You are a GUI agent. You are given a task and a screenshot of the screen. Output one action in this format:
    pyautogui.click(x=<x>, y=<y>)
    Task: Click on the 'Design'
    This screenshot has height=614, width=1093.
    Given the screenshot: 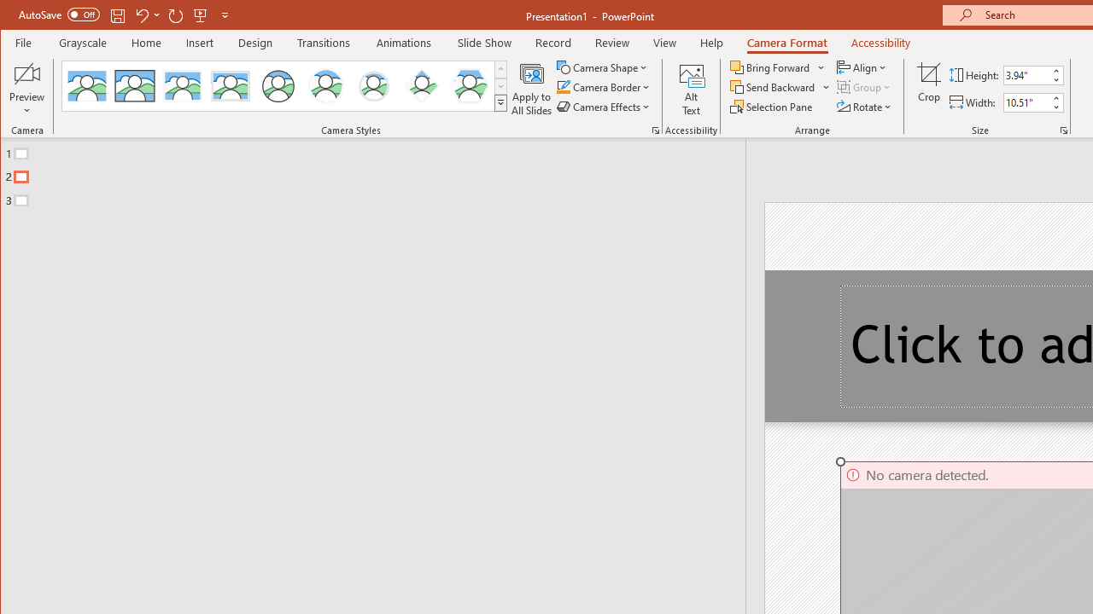 What is the action you would take?
    pyautogui.click(x=254, y=42)
    